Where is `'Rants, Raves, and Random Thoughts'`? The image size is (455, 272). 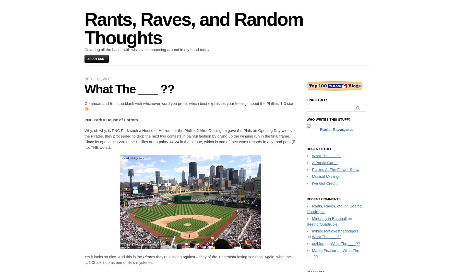 'Rants, Raves, and Random Thoughts' is located at coordinates (194, 28).